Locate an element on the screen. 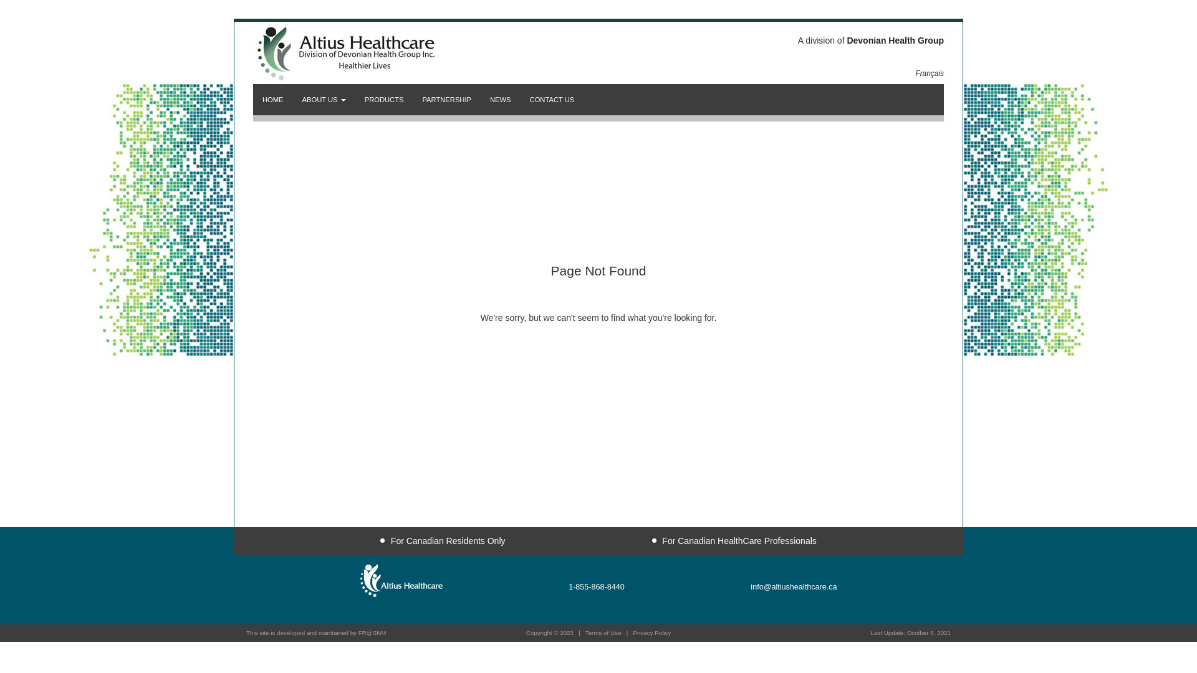 The image size is (1197, 673). 'Privacy Policy' is located at coordinates (651, 632).